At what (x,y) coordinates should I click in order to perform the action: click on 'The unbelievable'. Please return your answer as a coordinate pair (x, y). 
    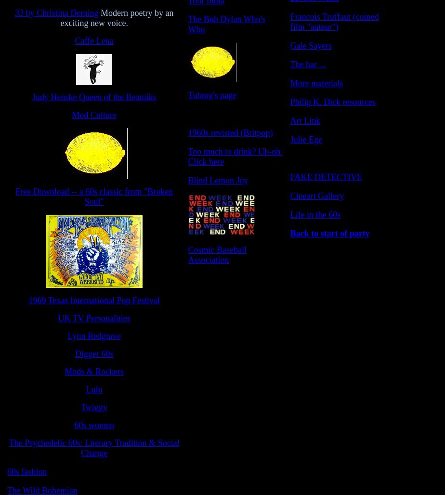
    Looking at the image, I should click on (319, 157).